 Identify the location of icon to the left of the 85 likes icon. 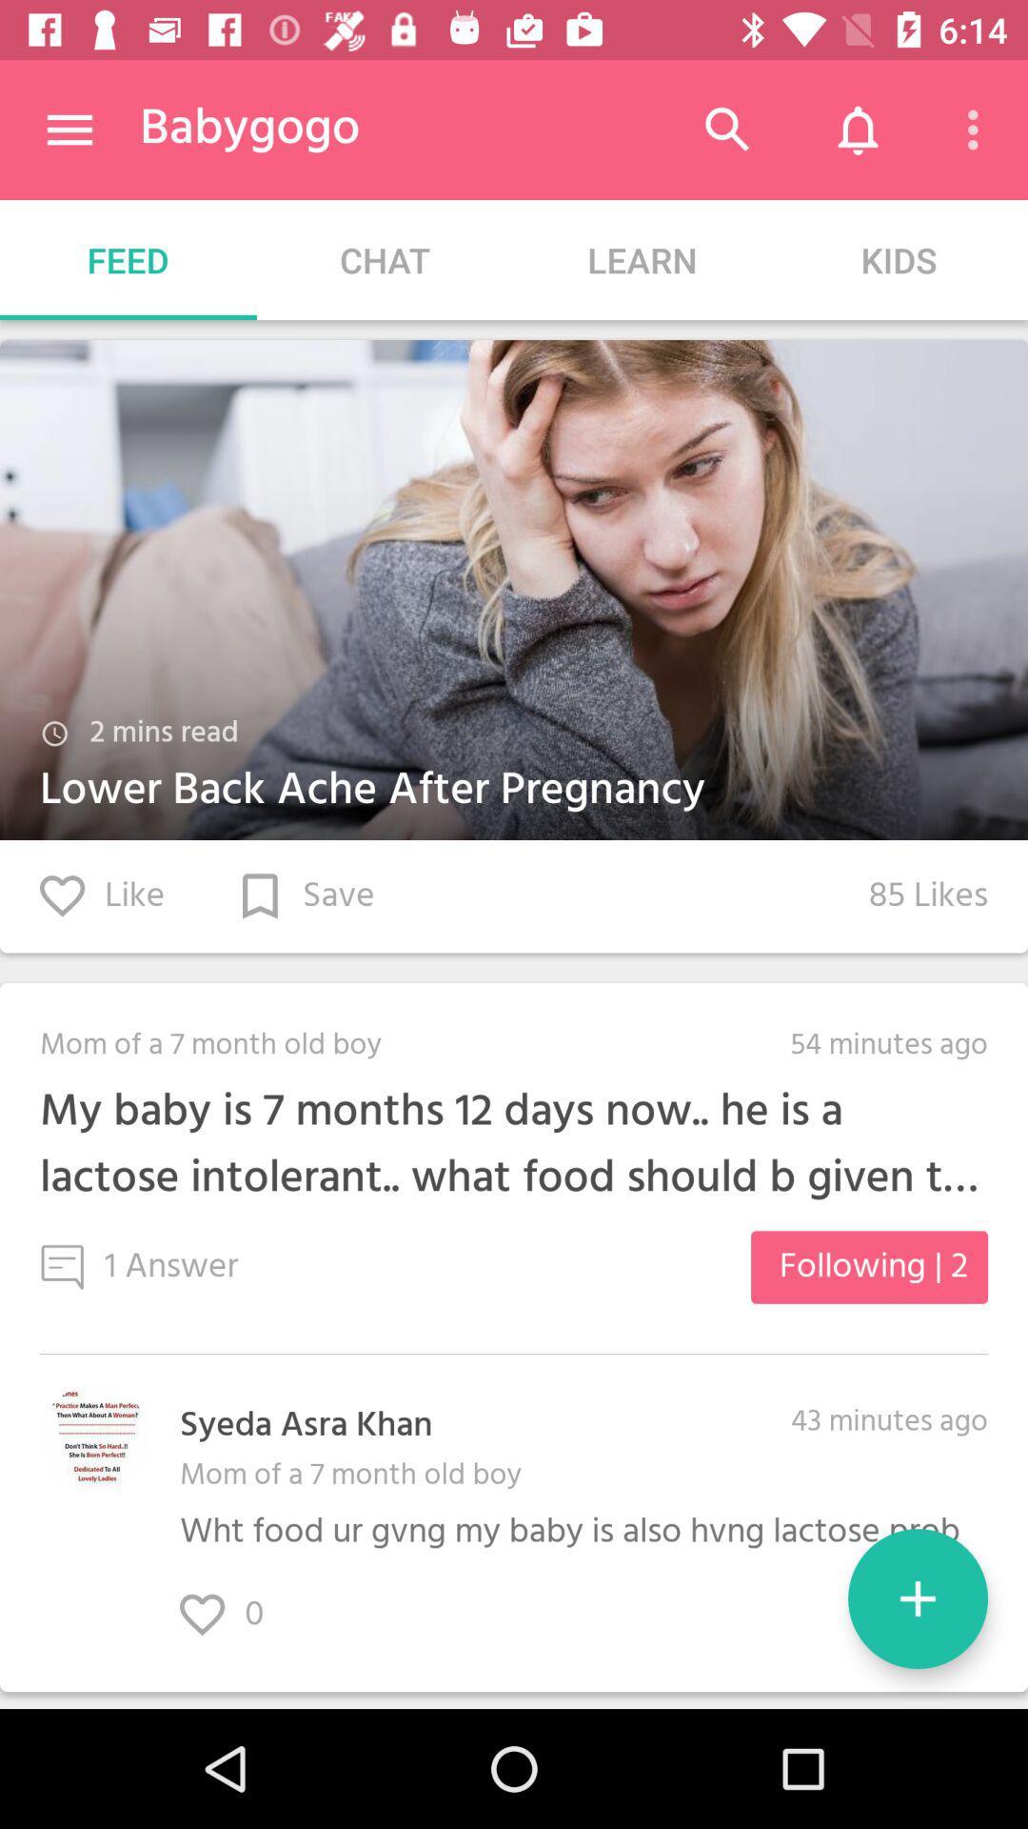
(306, 895).